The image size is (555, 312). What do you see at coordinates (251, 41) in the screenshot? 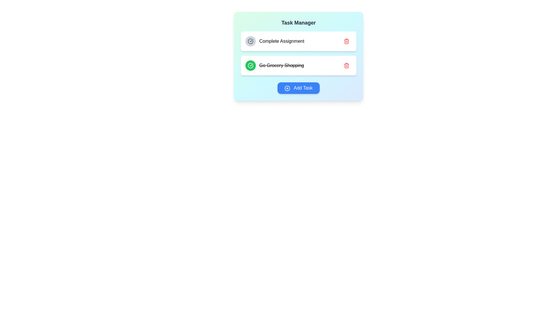
I see `the upper segment of the circular icon representing an incomplete task in the 'Complete Assignment' to-do list` at bounding box center [251, 41].